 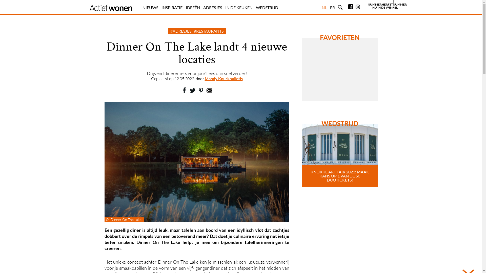 What do you see at coordinates (255, 7) in the screenshot?
I see `'WEDSTRIJD'` at bounding box center [255, 7].